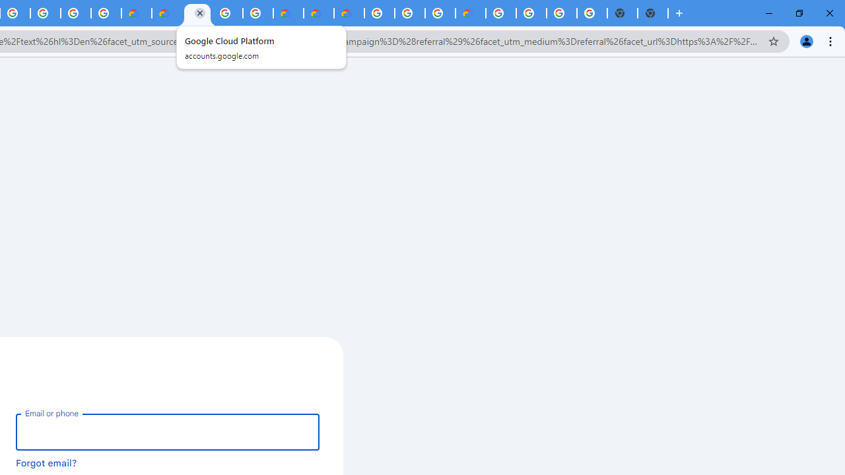  I want to click on 'Customer Care | Google Cloud', so click(287, 13).